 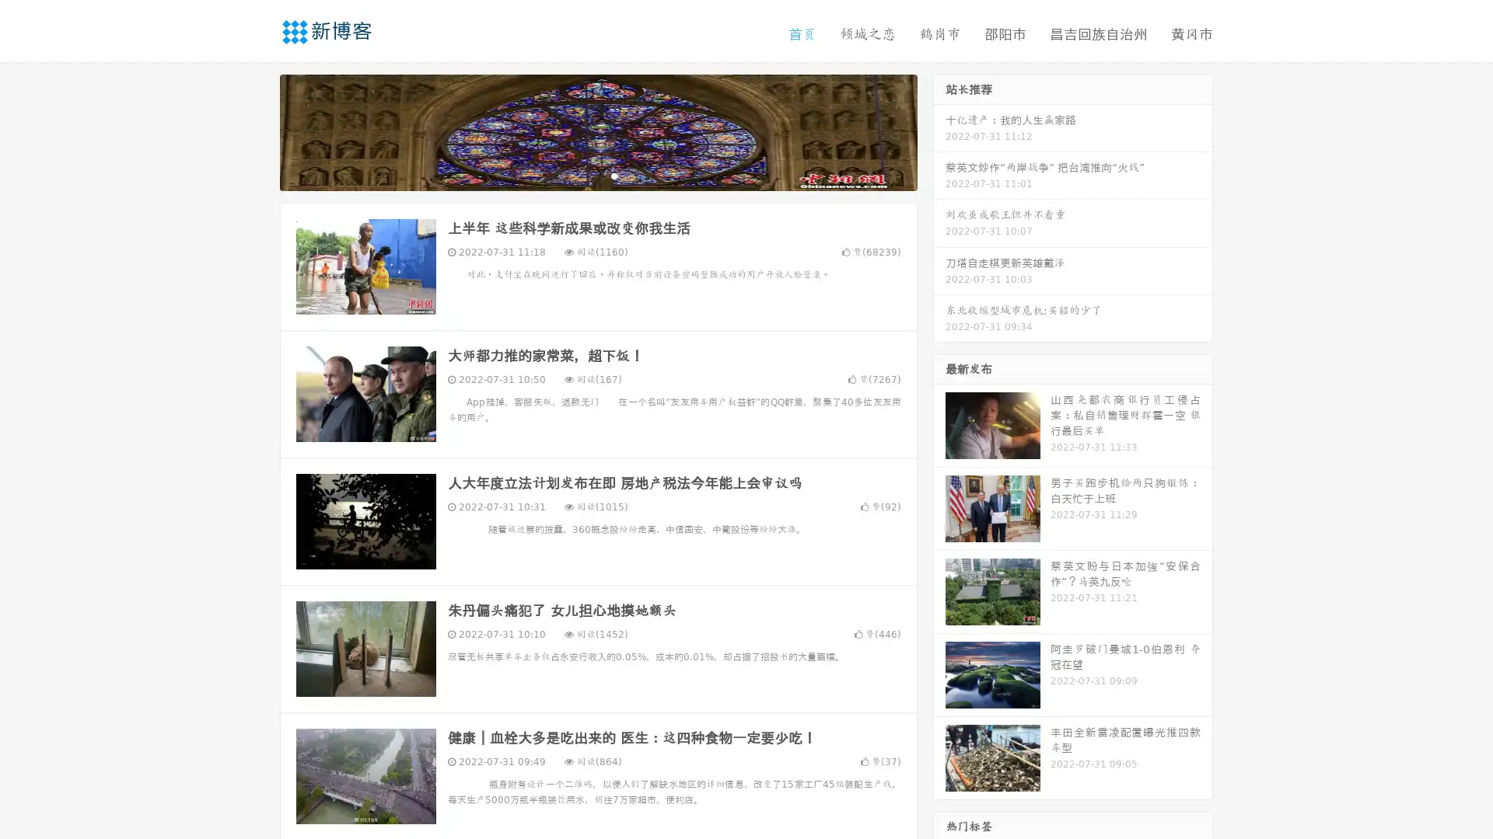 What do you see at coordinates (582, 175) in the screenshot?
I see `Go to slide 1` at bounding box center [582, 175].